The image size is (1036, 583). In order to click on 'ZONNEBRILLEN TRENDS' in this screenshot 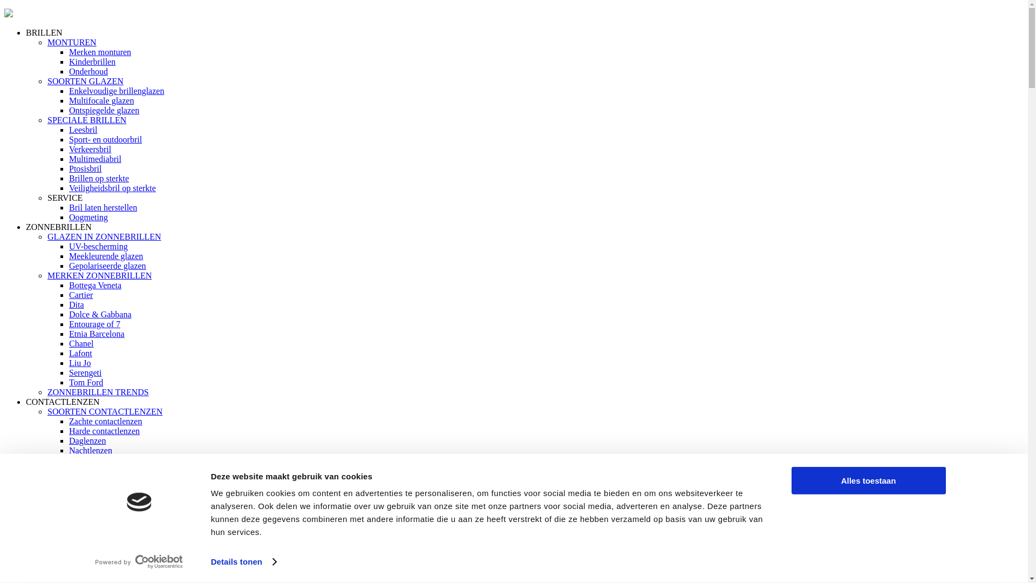, I will do `click(98, 392)`.